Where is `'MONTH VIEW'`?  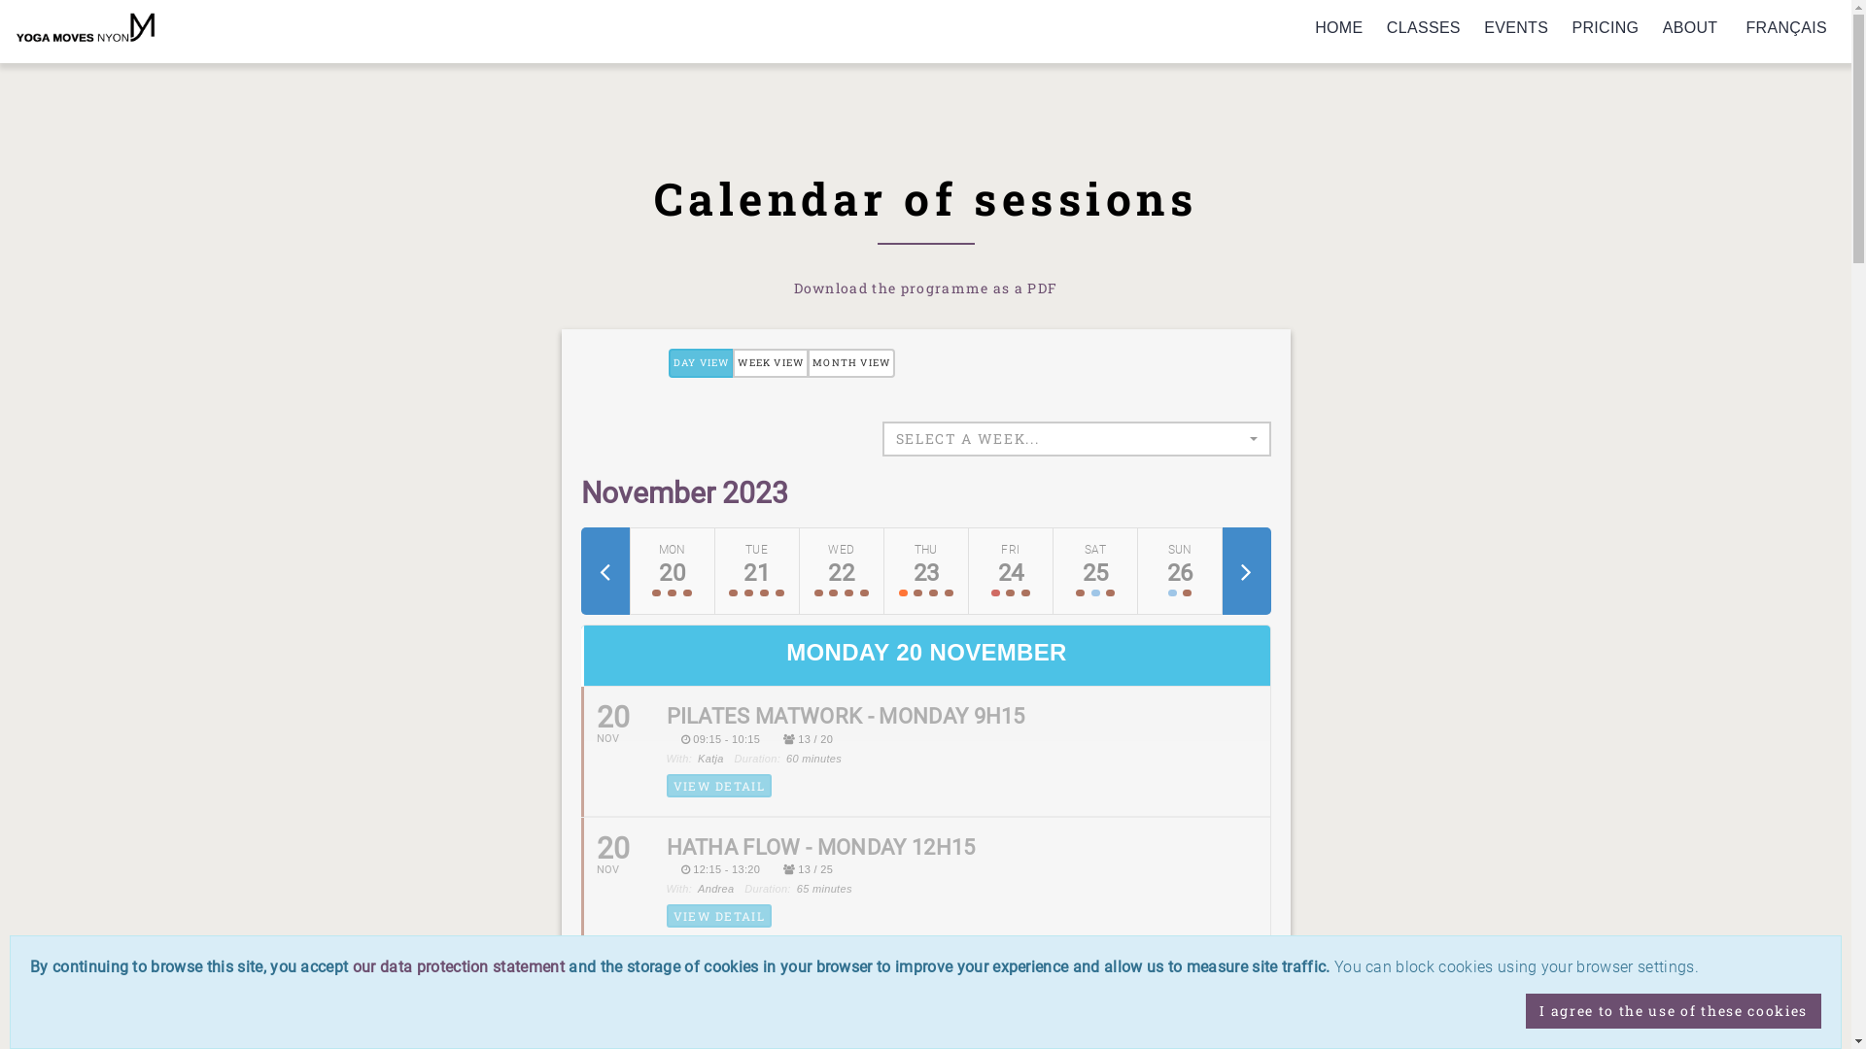 'MONTH VIEW' is located at coordinates (807, 363).